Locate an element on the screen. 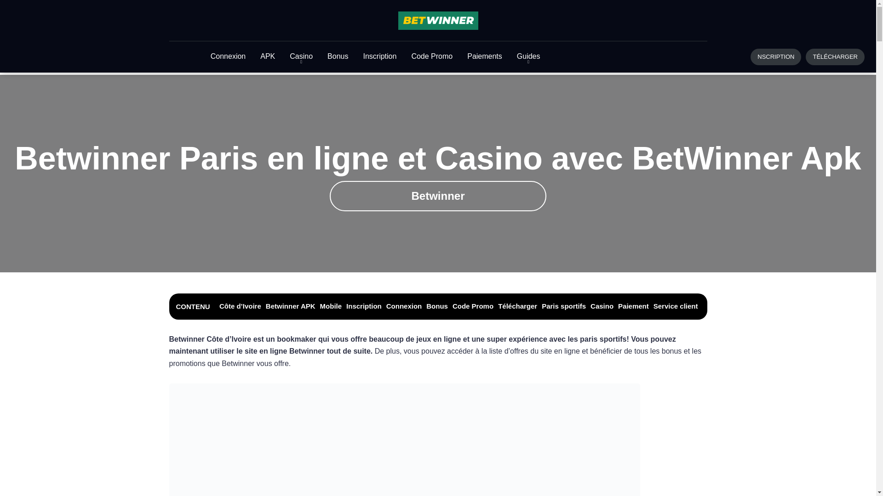 The image size is (883, 496). 'Inscription' is located at coordinates (363, 306).